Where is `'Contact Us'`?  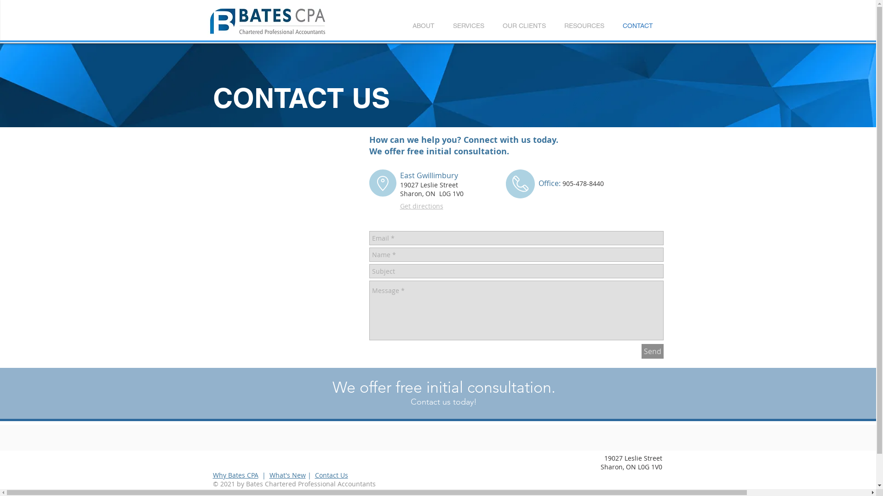
'Contact Us' is located at coordinates (331, 475).